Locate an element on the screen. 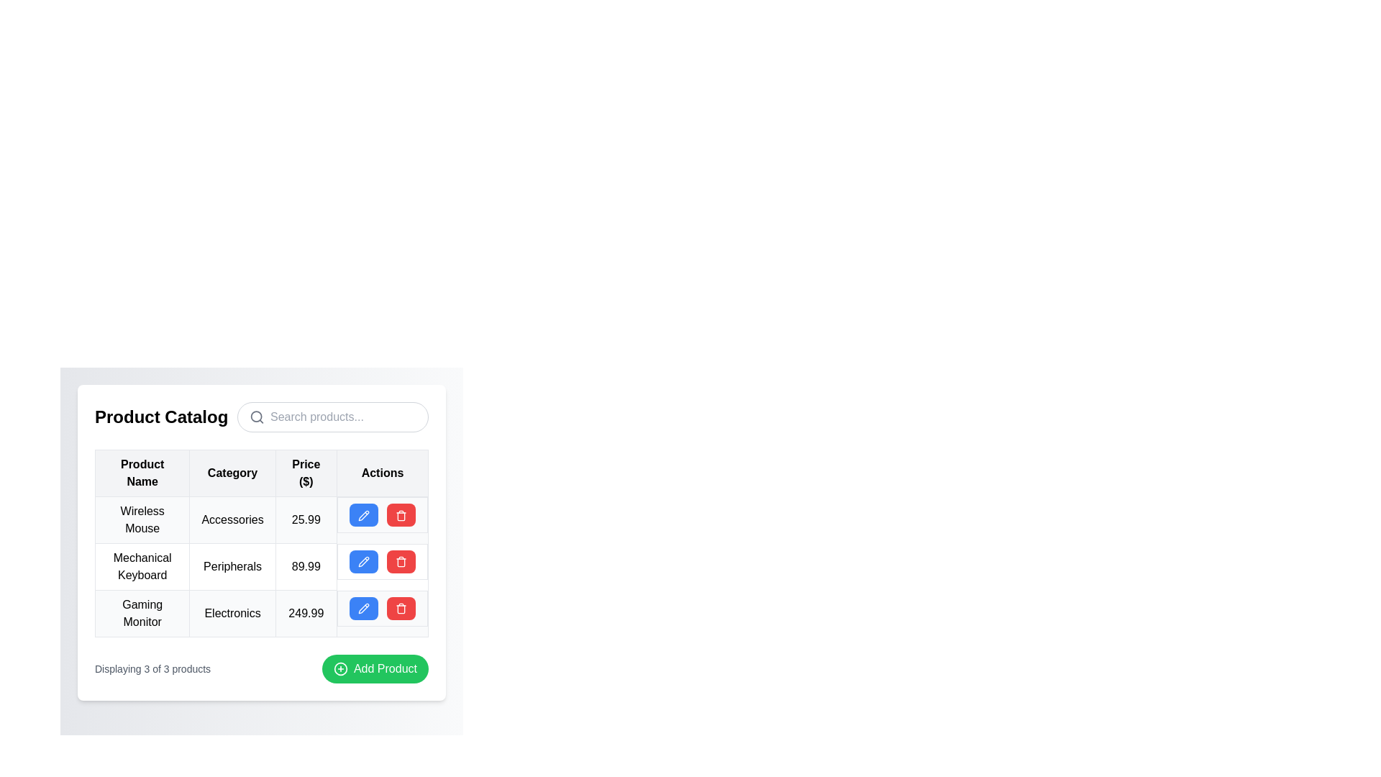 The height and width of the screenshot is (777, 1381). the 'Add Product' button icon, which serves as a visual cue for adding a new product, located within the green circular section of the button is located at coordinates (339, 668).